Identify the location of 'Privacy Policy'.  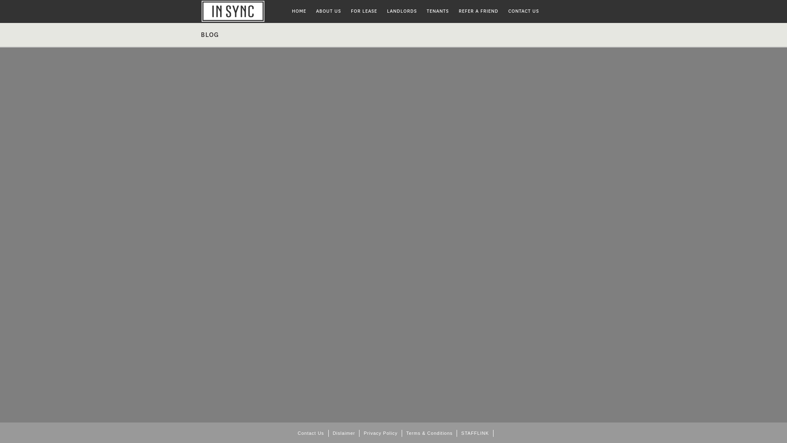
(380, 433).